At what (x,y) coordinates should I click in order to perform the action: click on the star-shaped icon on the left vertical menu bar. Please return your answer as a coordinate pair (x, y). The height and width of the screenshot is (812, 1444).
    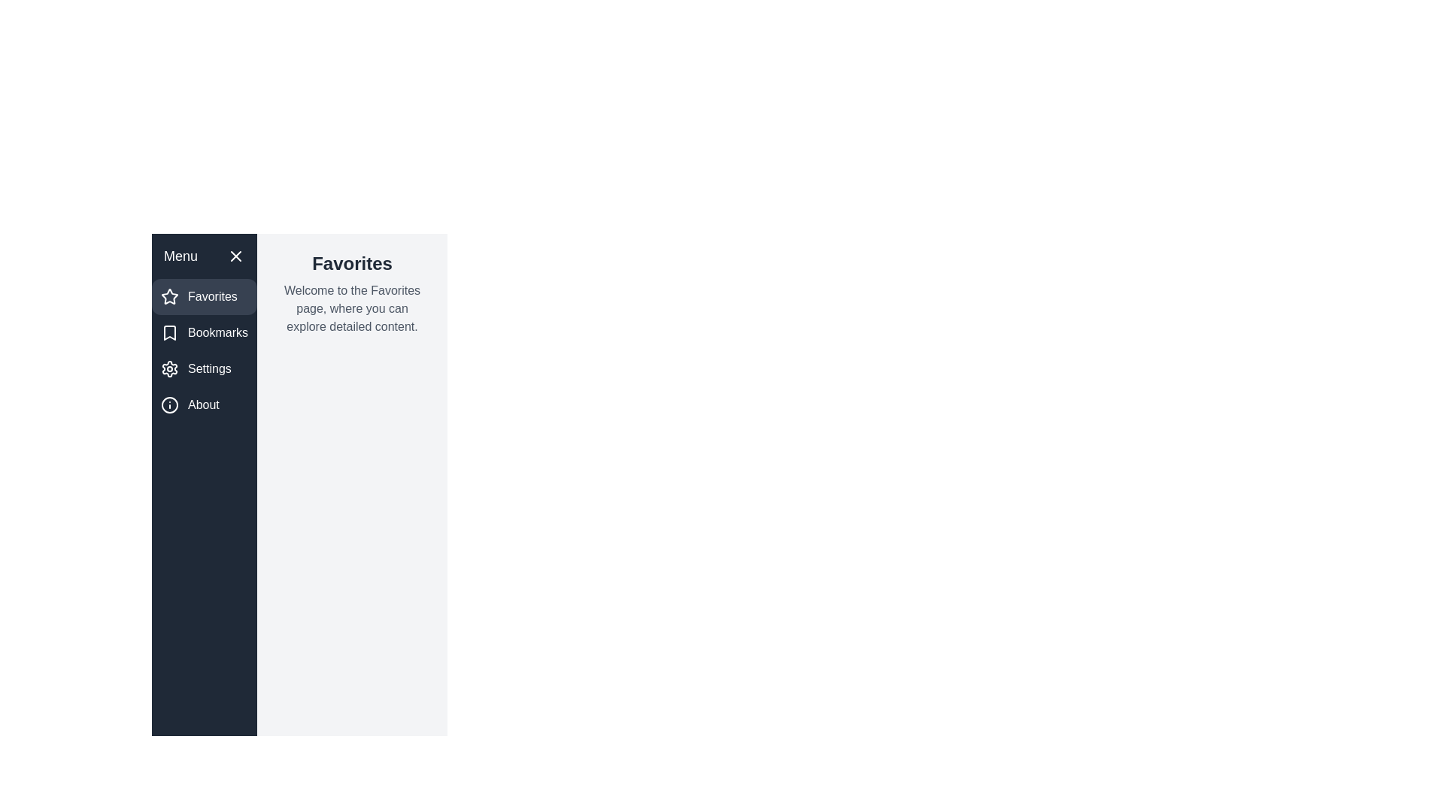
    Looking at the image, I should click on (169, 296).